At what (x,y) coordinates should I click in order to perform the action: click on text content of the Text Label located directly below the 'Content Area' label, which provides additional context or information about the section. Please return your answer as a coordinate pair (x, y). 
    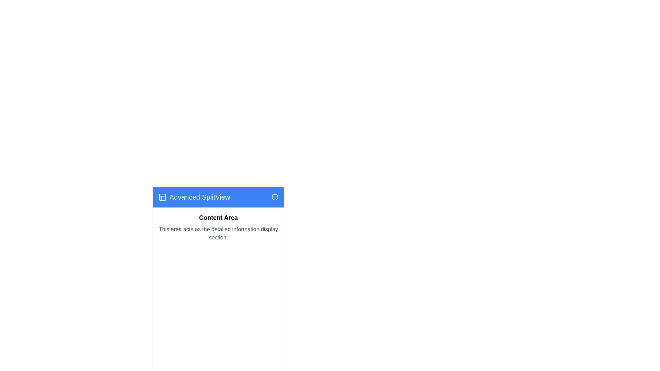
    Looking at the image, I should click on (218, 233).